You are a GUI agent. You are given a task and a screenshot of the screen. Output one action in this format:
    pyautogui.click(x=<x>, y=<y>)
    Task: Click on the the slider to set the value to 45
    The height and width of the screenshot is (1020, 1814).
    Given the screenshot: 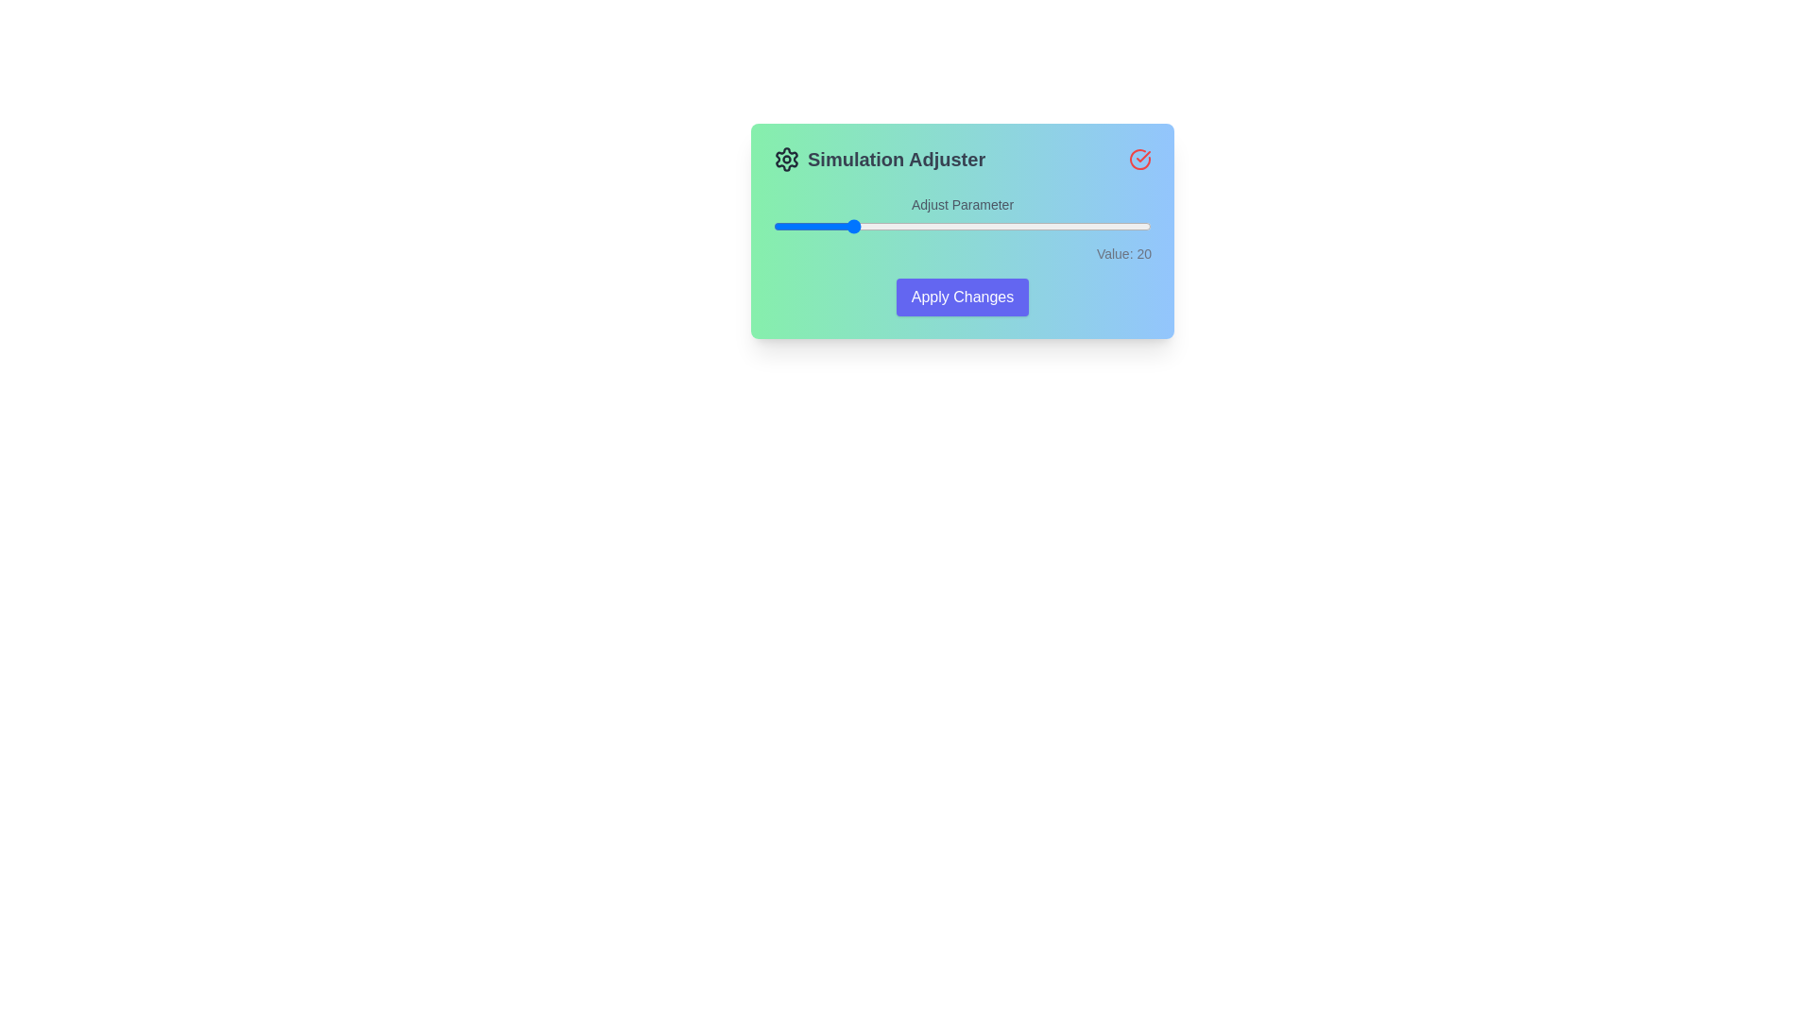 What is the action you would take?
    pyautogui.click(x=943, y=225)
    